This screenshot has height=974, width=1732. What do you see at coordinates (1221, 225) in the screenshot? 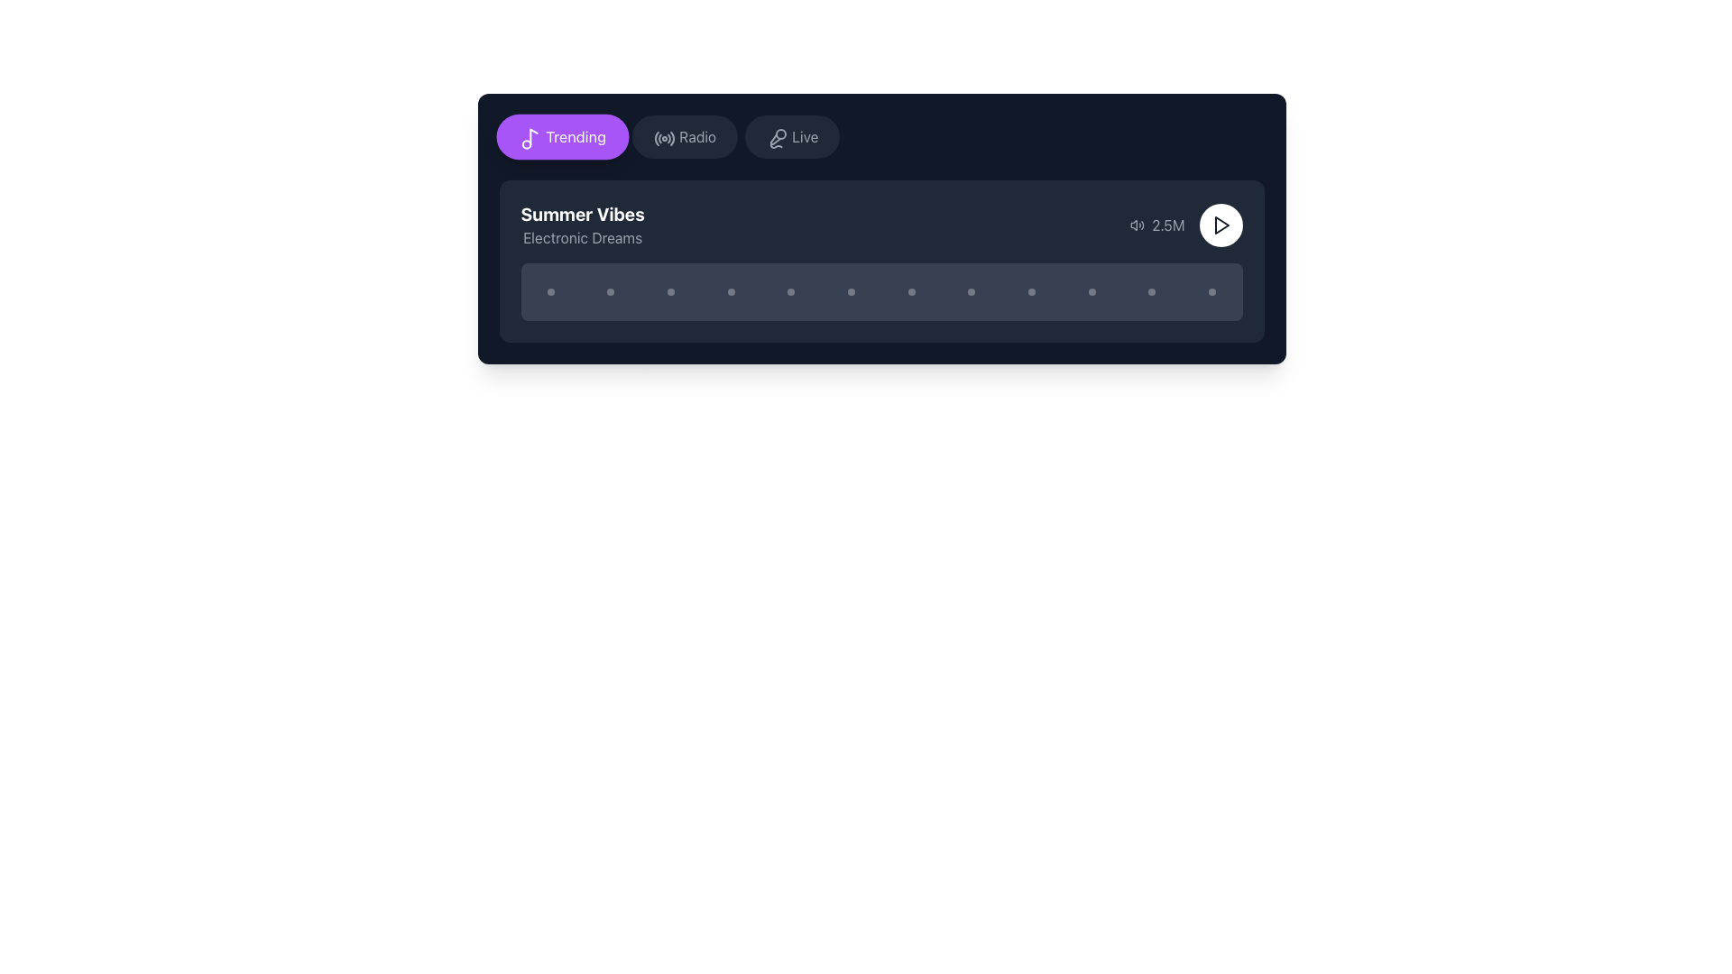
I see `the triangular play button outlined in gray to initiate playback` at bounding box center [1221, 225].